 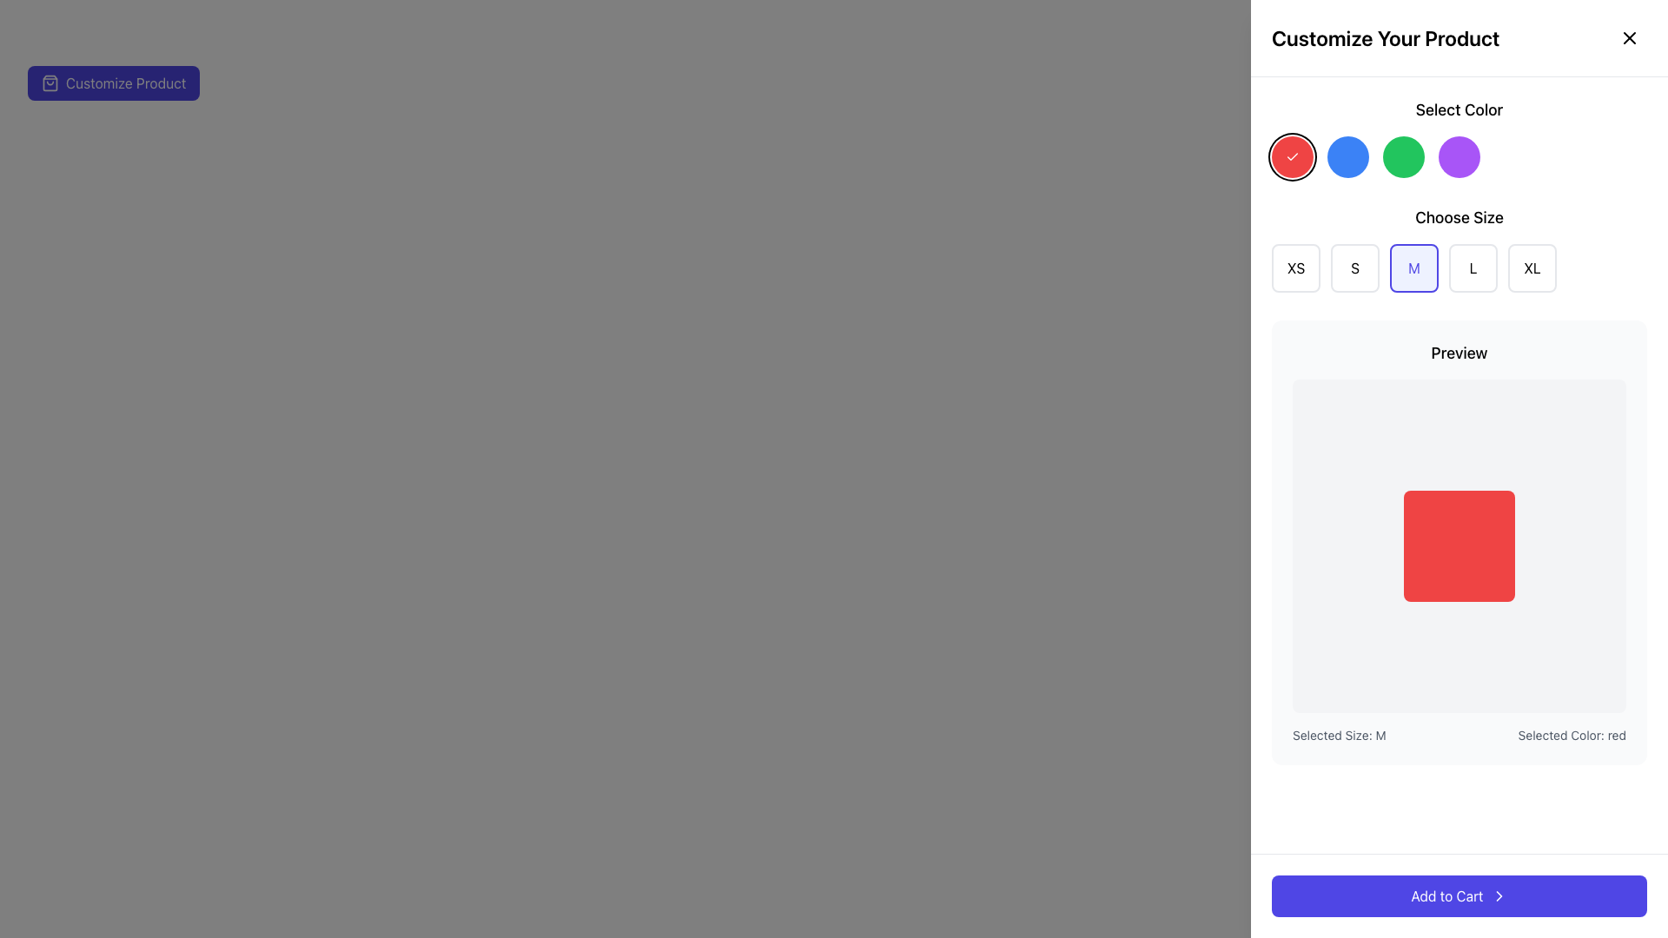 What do you see at coordinates (1629, 37) in the screenshot?
I see `the close button located at the top-right corner of the 'Customize Your Product' section` at bounding box center [1629, 37].